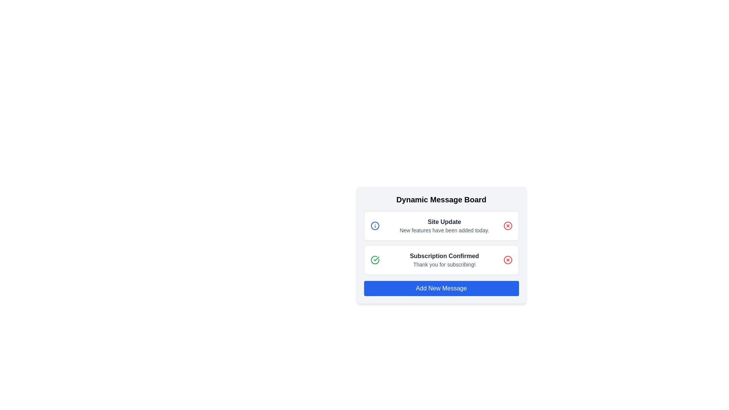 The height and width of the screenshot is (410, 729). I want to click on the Decorative Icon associated with the 'Site Update' notification, located at the top-left corner of the notification card, so click(375, 225).